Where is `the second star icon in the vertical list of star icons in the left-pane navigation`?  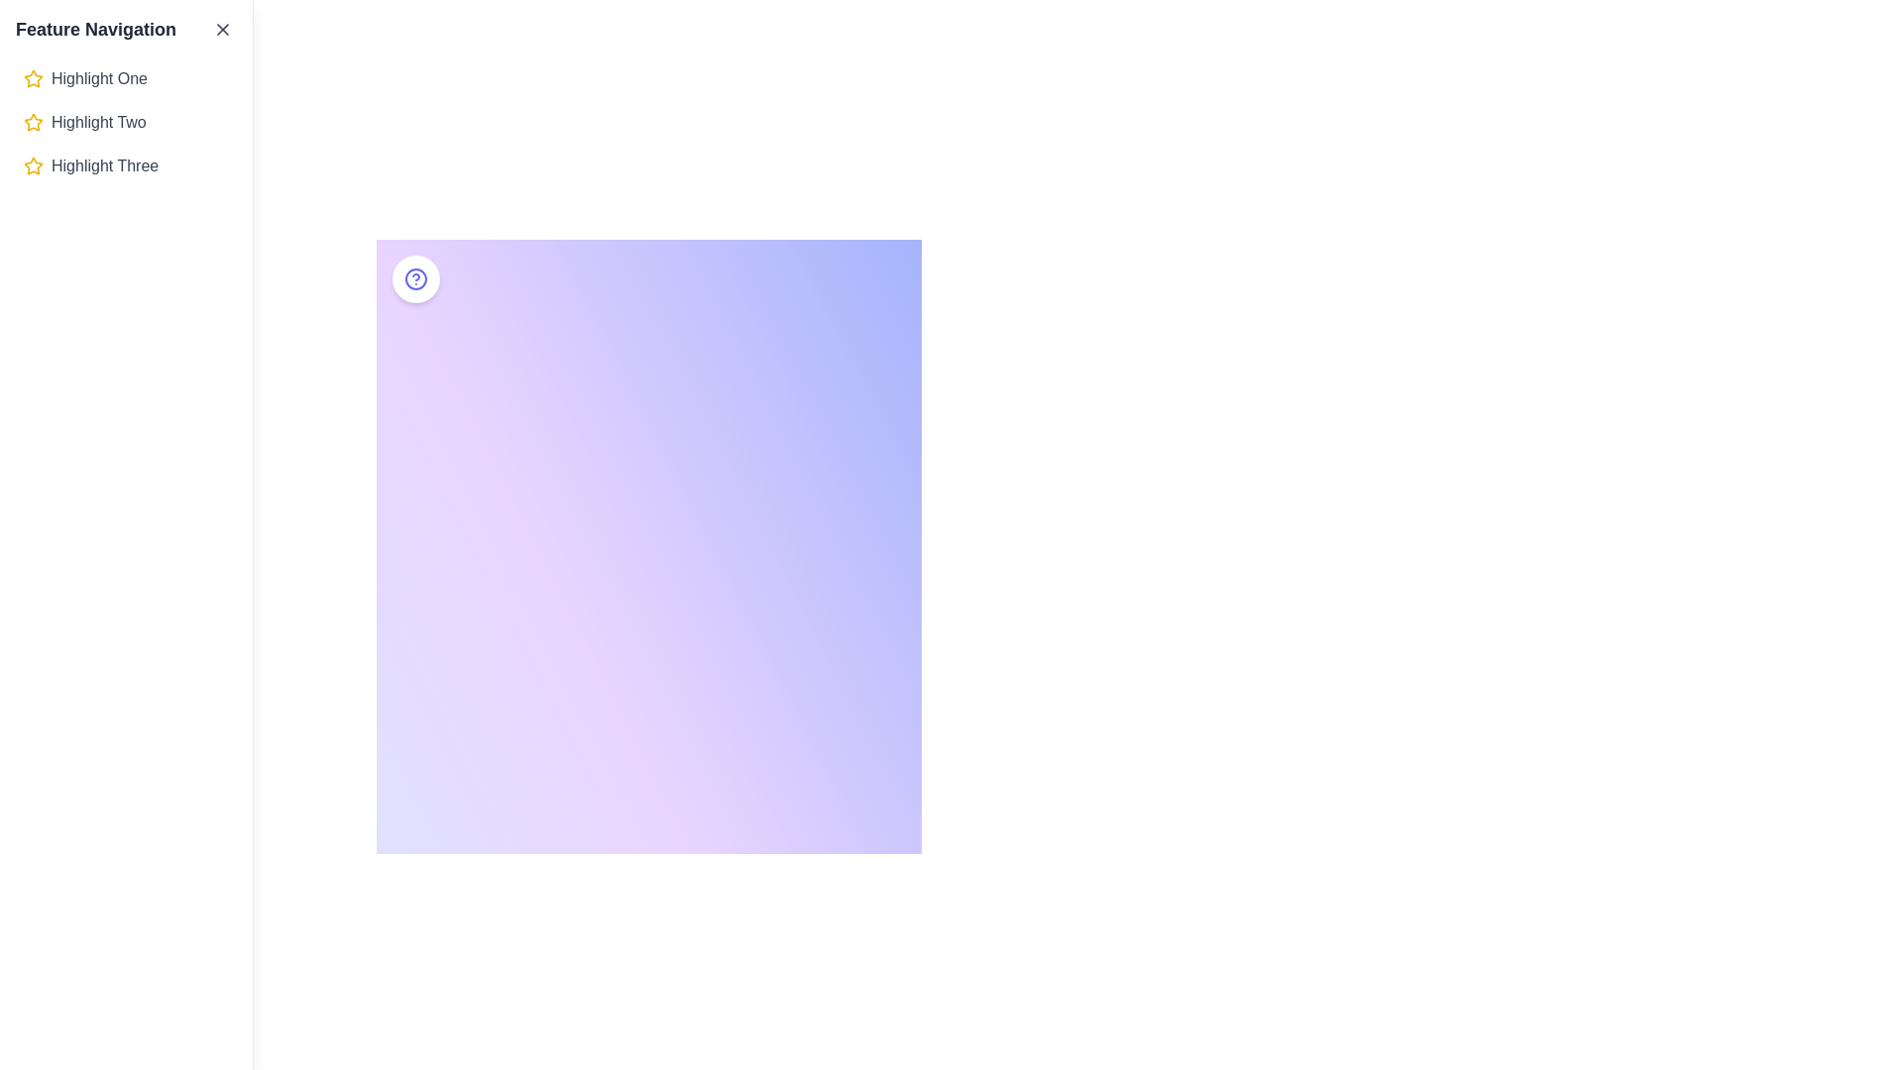 the second star icon in the vertical list of star icons in the left-pane navigation is located at coordinates (33, 122).